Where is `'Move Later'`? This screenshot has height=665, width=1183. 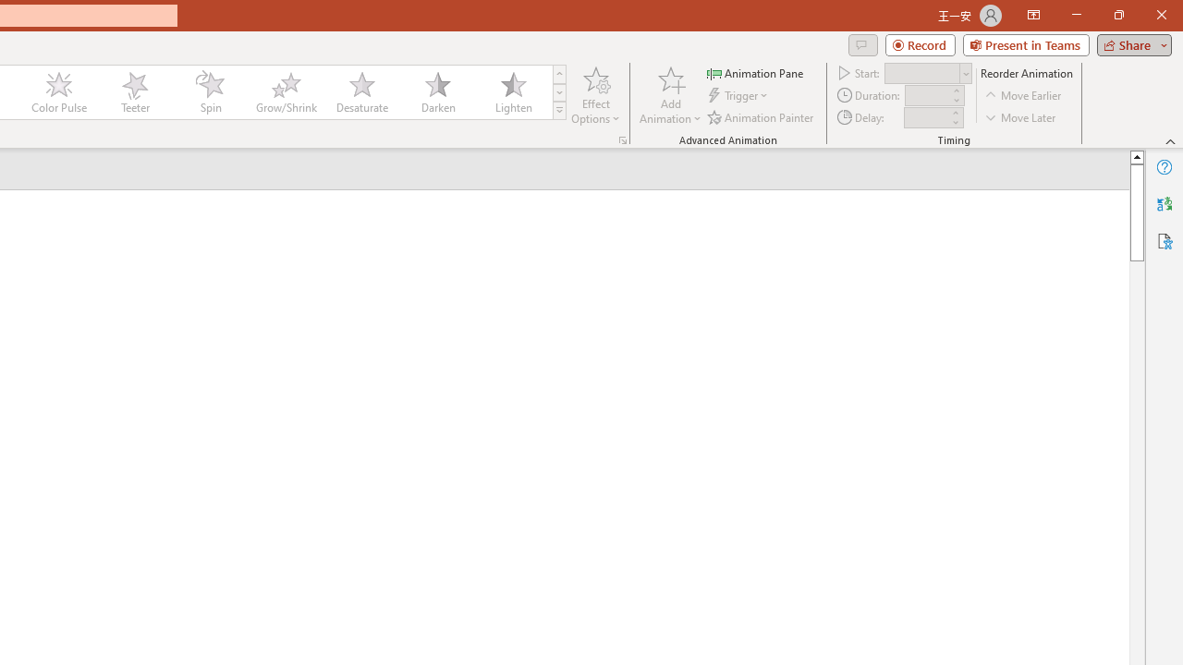 'Move Later' is located at coordinates (1020, 117).